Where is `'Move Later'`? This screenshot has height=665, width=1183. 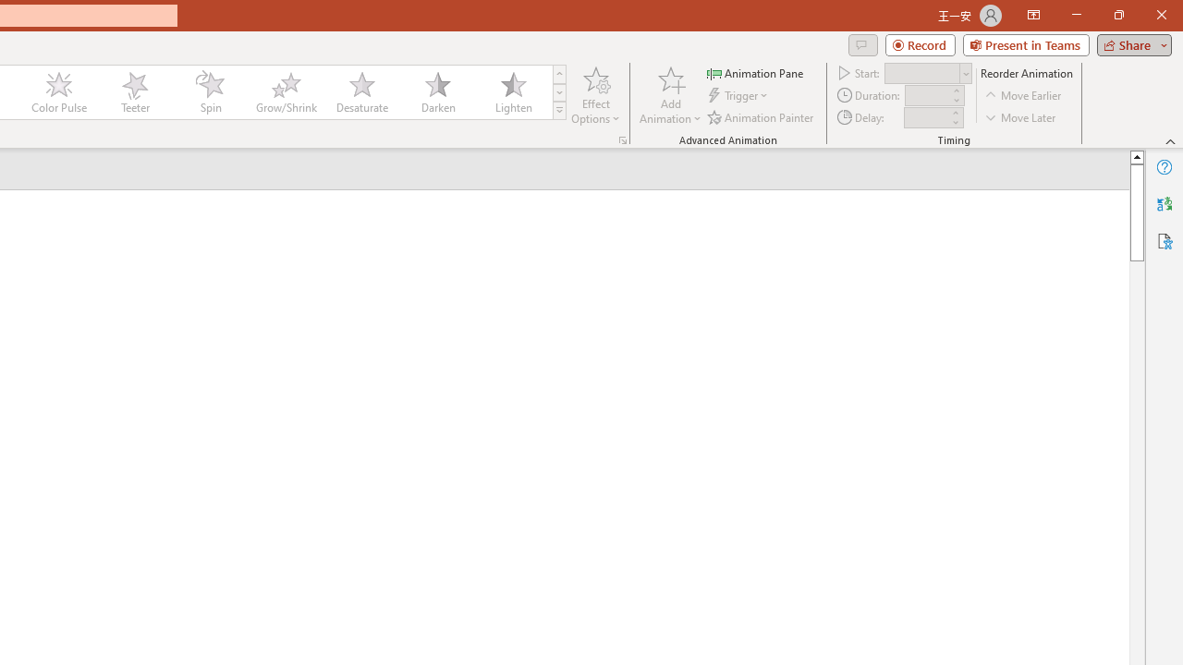 'Move Later' is located at coordinates (1020, 117).